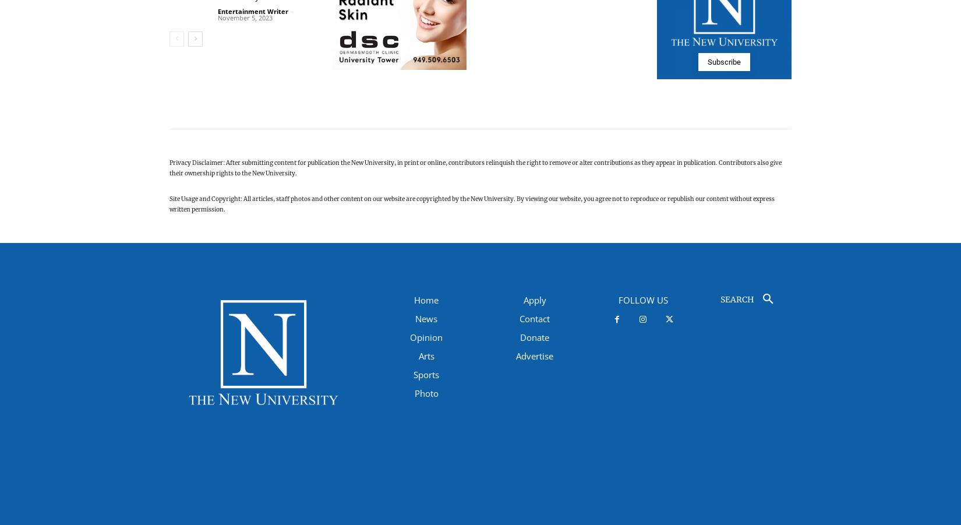 The width and height of the screenshot is (961, 525). What do you see at coordinates (413, 300) in the screenshot?
I see `'Home'` at bounding box center [413, 300].